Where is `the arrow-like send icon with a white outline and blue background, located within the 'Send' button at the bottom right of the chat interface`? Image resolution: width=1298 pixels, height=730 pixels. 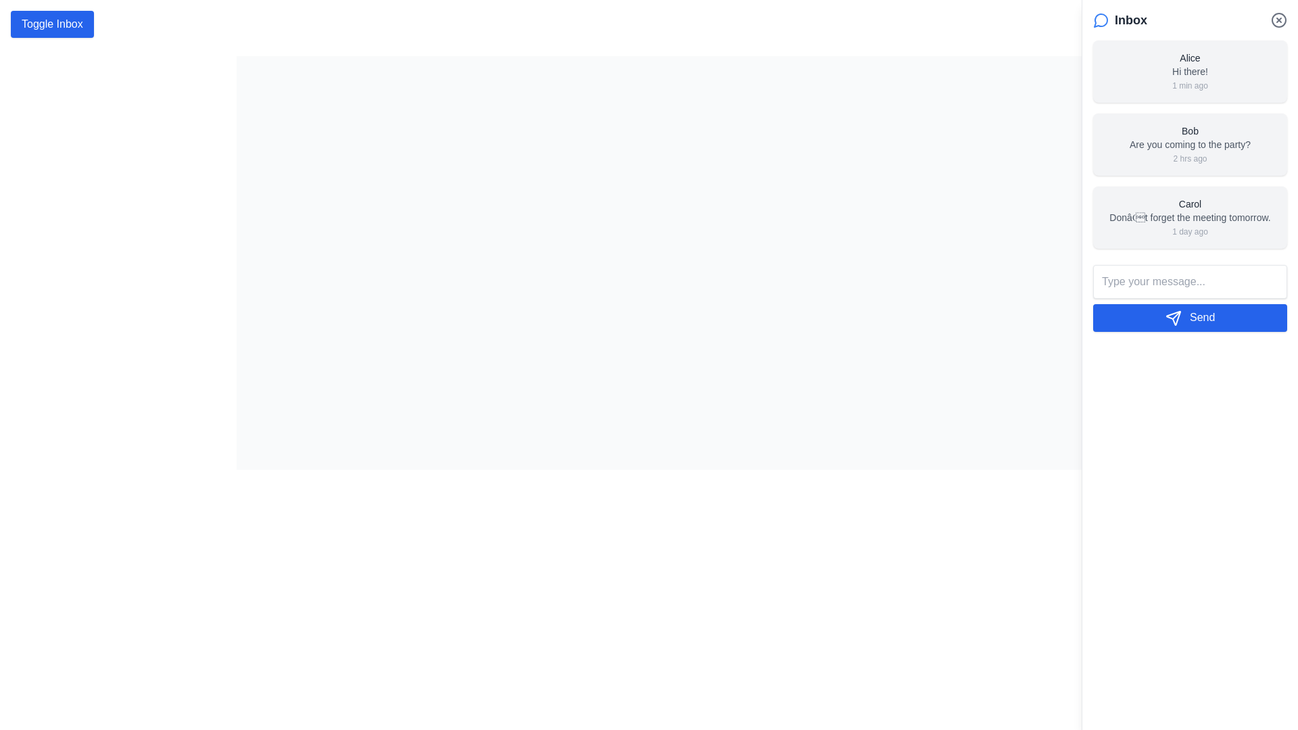 the arrow-like send icon with a white outline and blue background, located within the 'Send' button at the bottom right of the chat interface is located at coordinates (1172, 318).